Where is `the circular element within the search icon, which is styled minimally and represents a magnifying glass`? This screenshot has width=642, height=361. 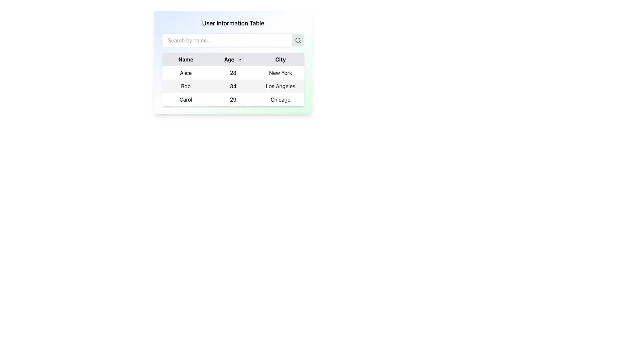 the circular element within the search icon, which is styled minimally and represents a magnifying glass is located at coordinates (298, 40).